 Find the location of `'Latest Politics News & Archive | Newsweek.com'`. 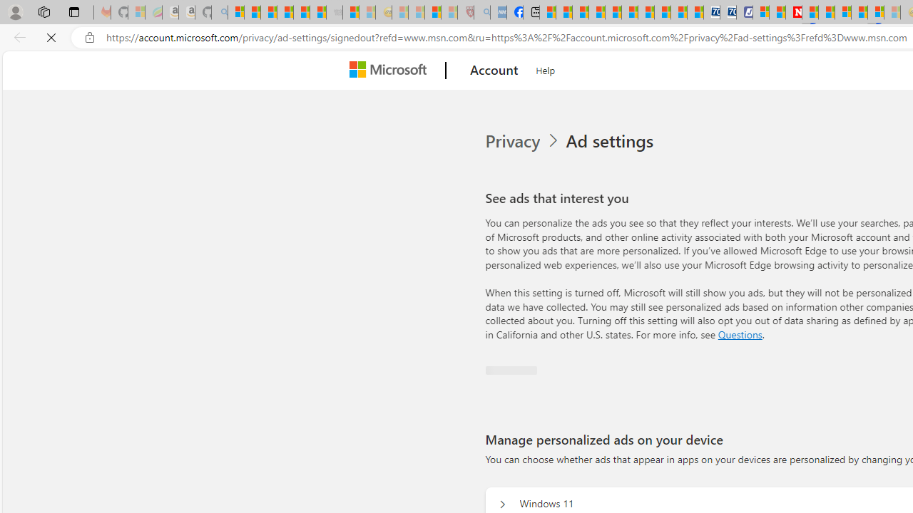

'Latest Politics News & Archive | Newsweek.com' is located at coordinates (792, 12).